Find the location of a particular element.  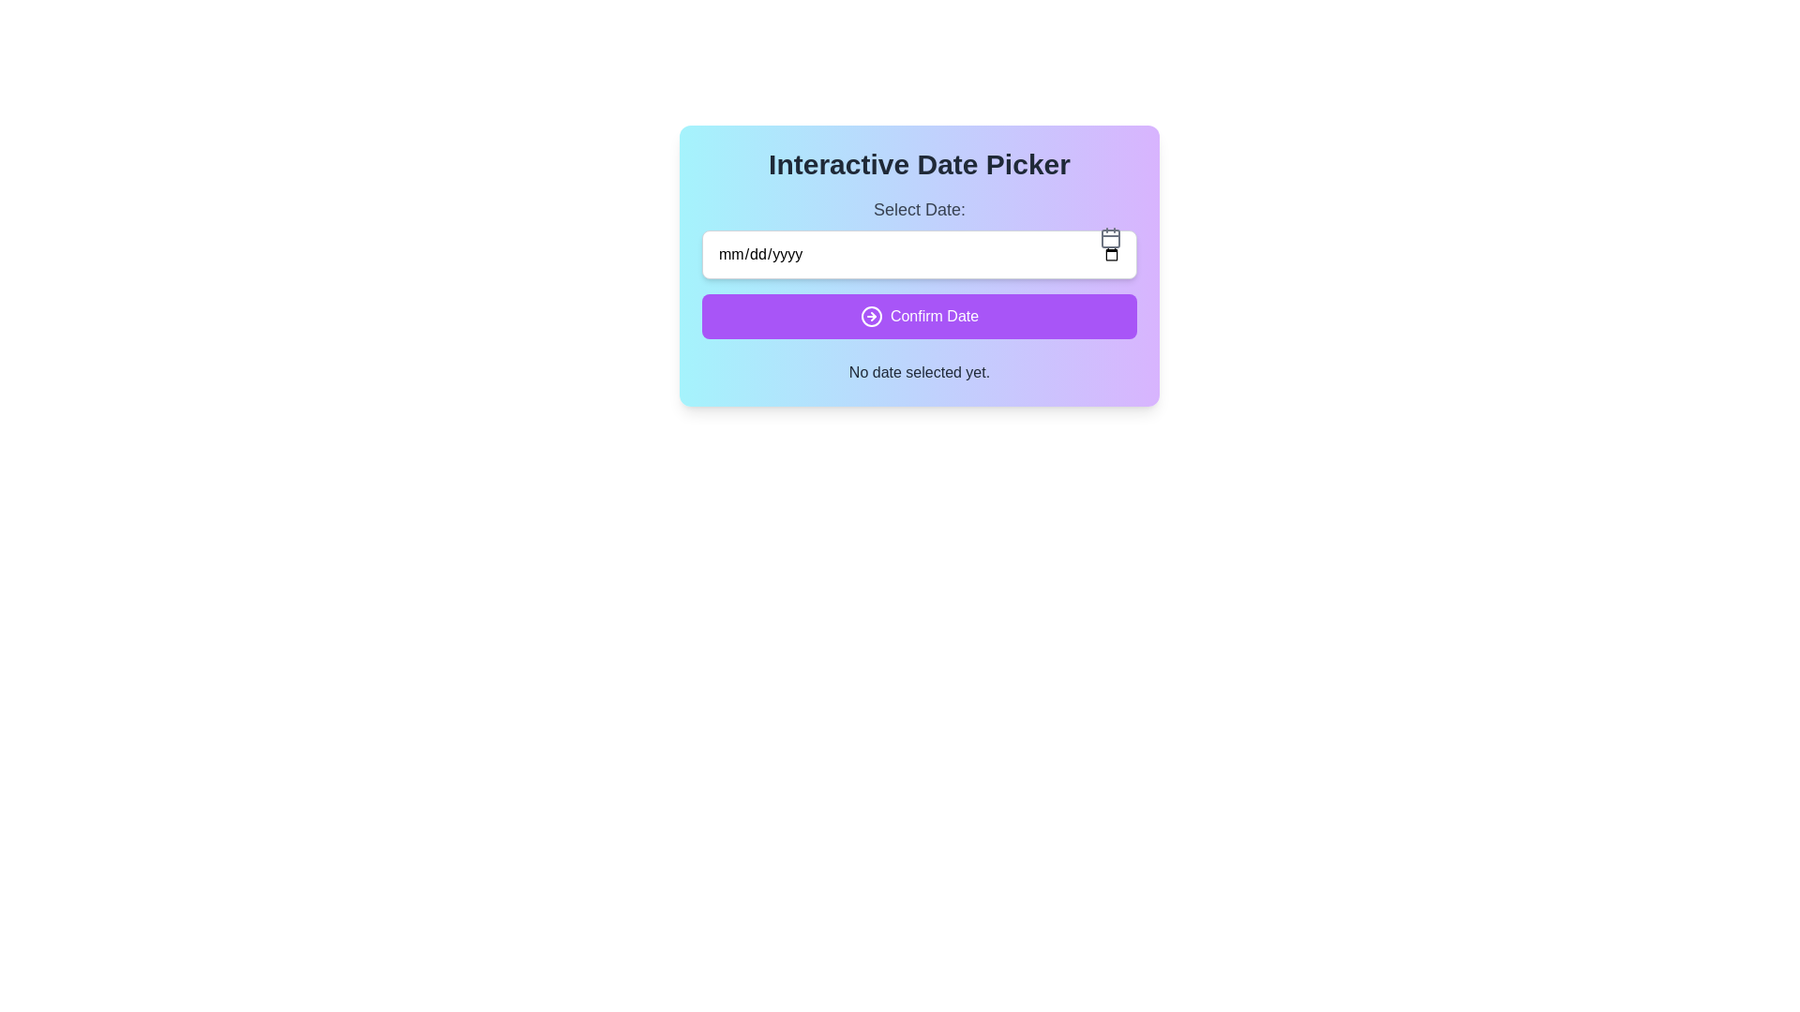

to select text in the input field of the Date Picker labeled 'Select Date:' located within the 'Interactive Date Picker' panel is located at coordinates (919, 237).